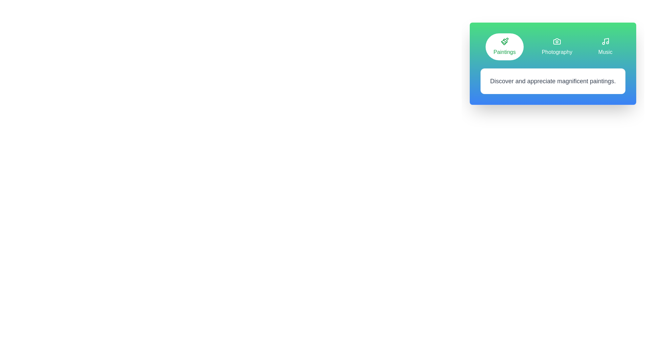 This screenshot has height=364, width=647. Describe the element at coordinates (605, 46) in the screenshot. I see `the Music tab to view its content` at that location.